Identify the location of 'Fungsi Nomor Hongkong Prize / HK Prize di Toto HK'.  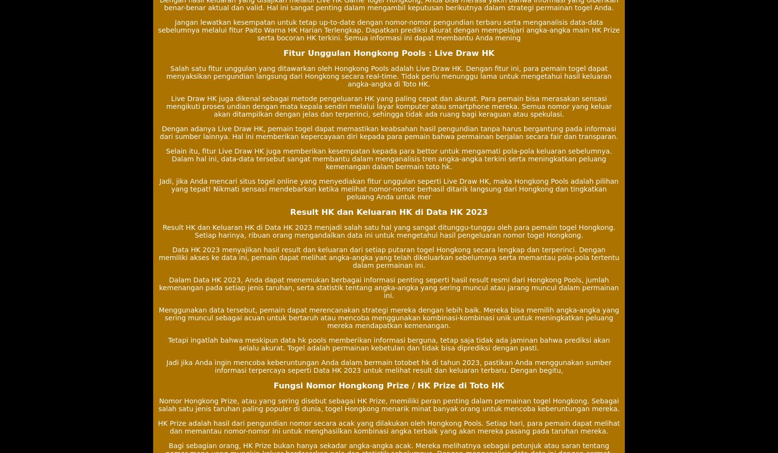
(389, 385).